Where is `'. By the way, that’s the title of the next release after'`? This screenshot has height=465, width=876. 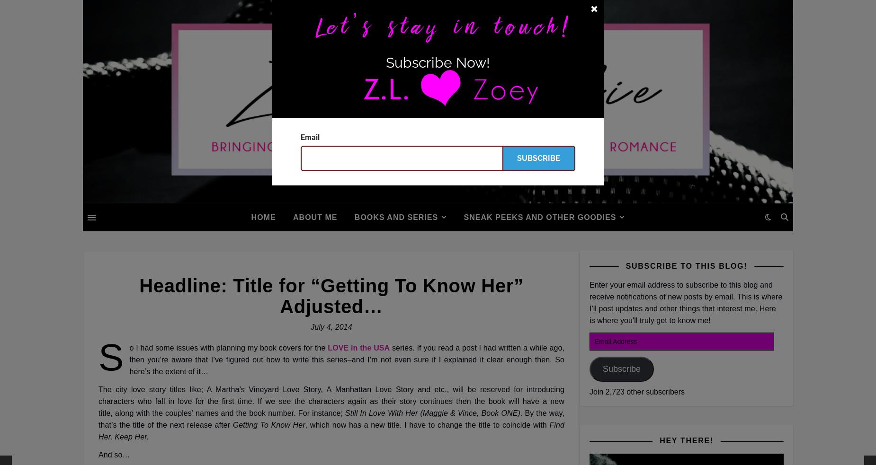 '. By the way, that’s the title of the next release after' is located at coordinates (331, 419).